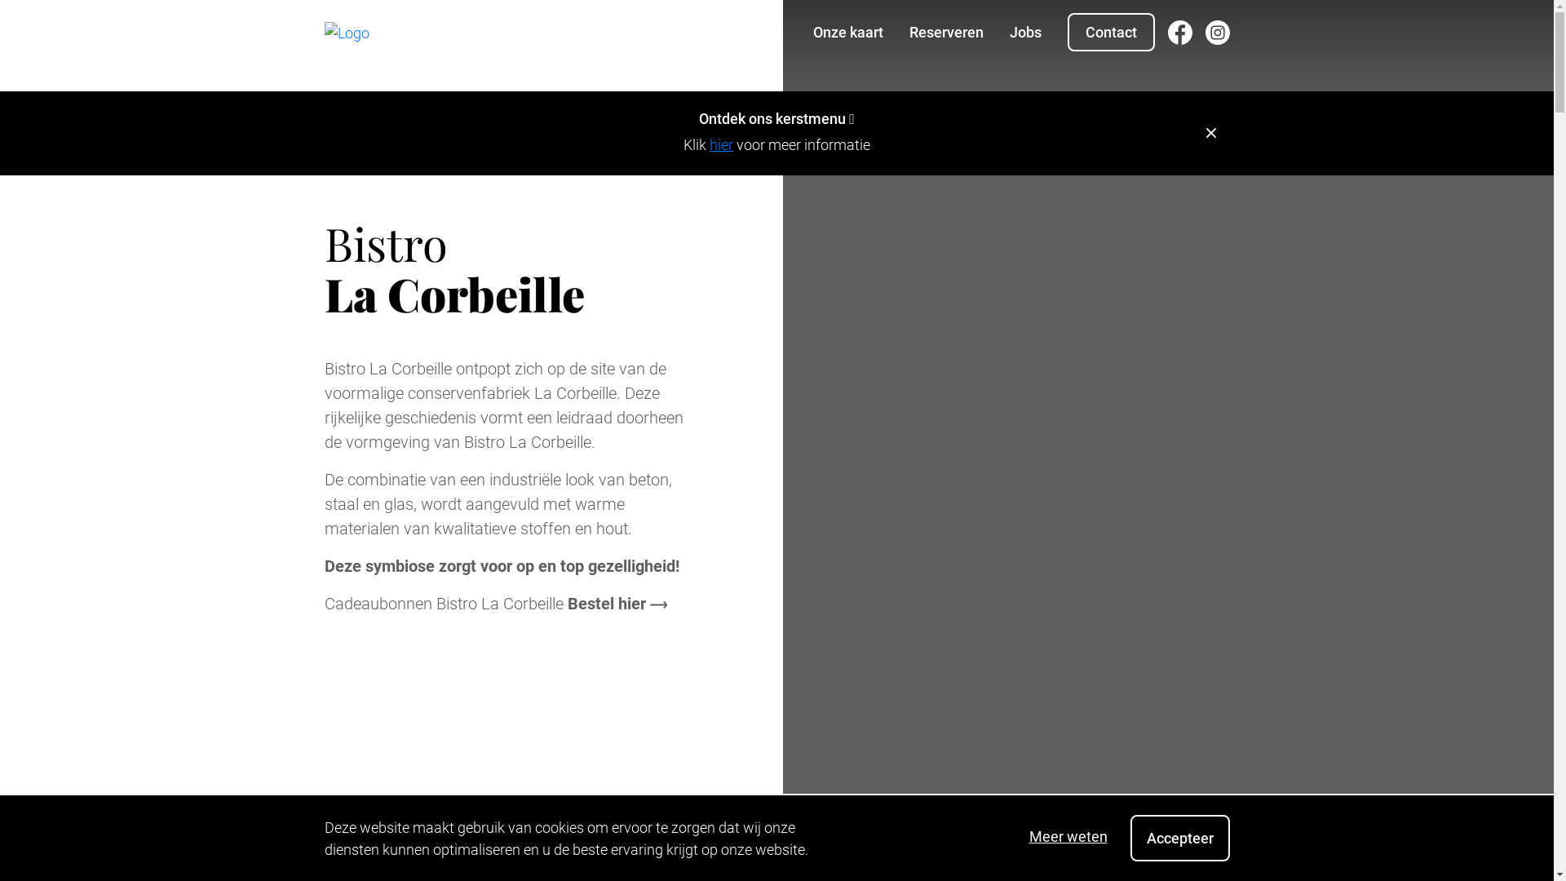  Describe the element at coordinates (812, 32) in the screenshot. I see `'Onze kaart'` at that location.